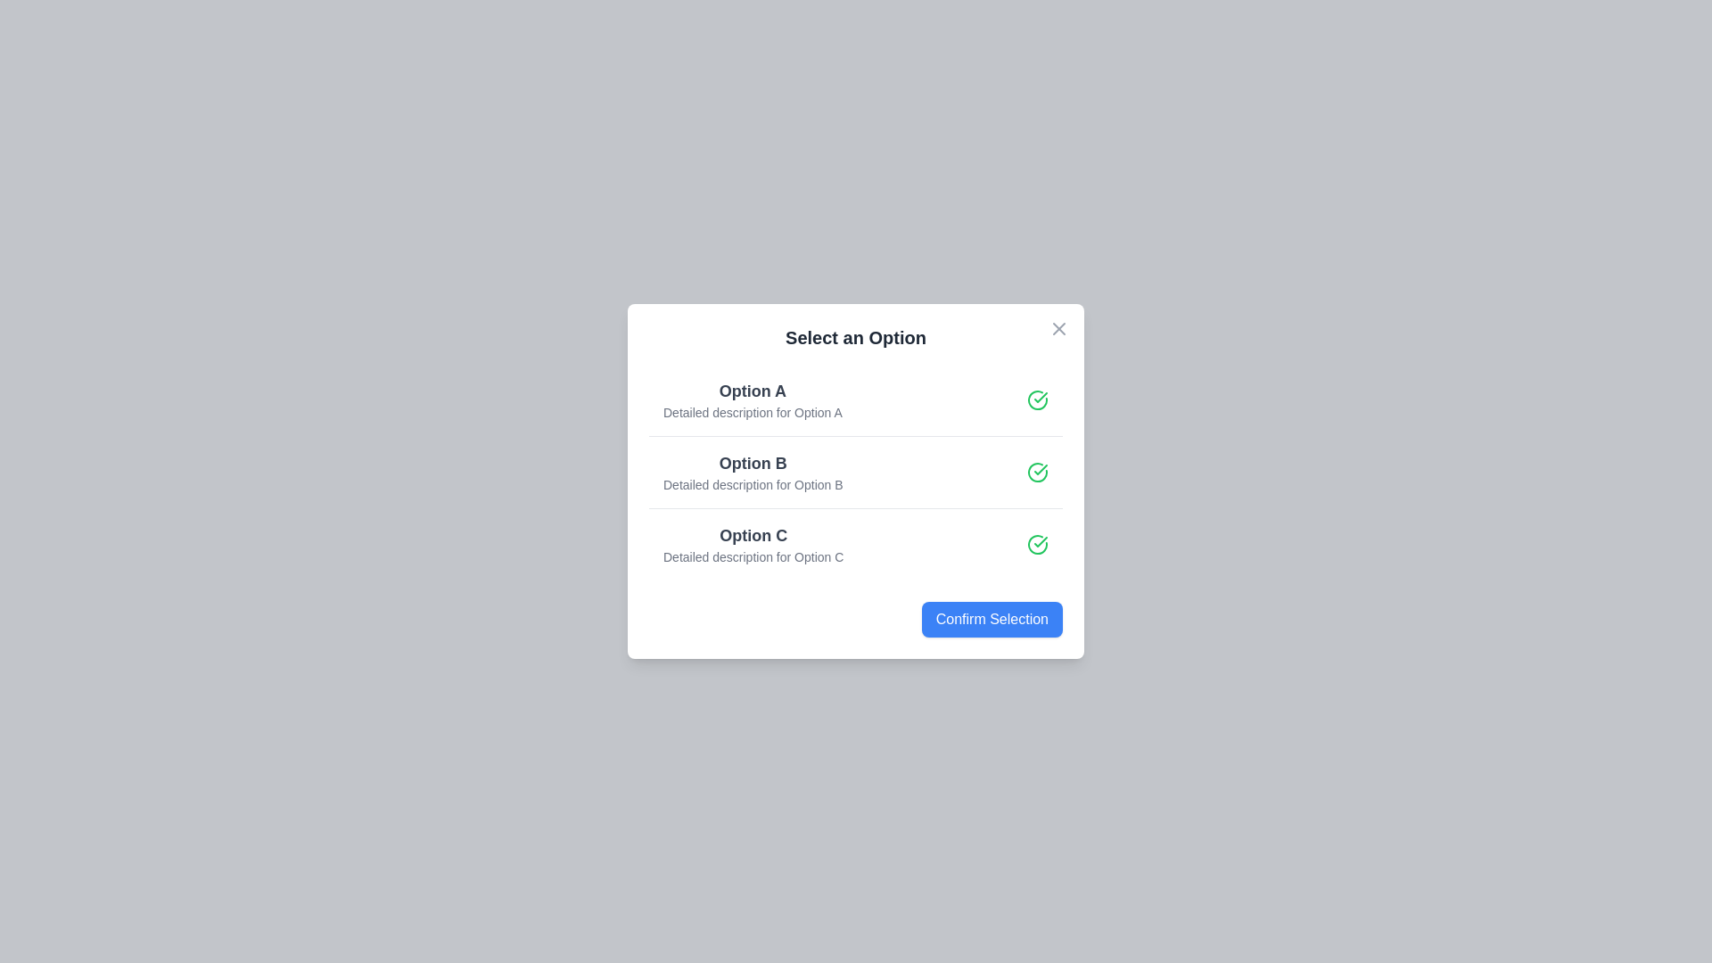  What do you see at coordinates (856, 542) in the screenshot?
I see `the option Option C from the list` at bounding box center [856, 542].